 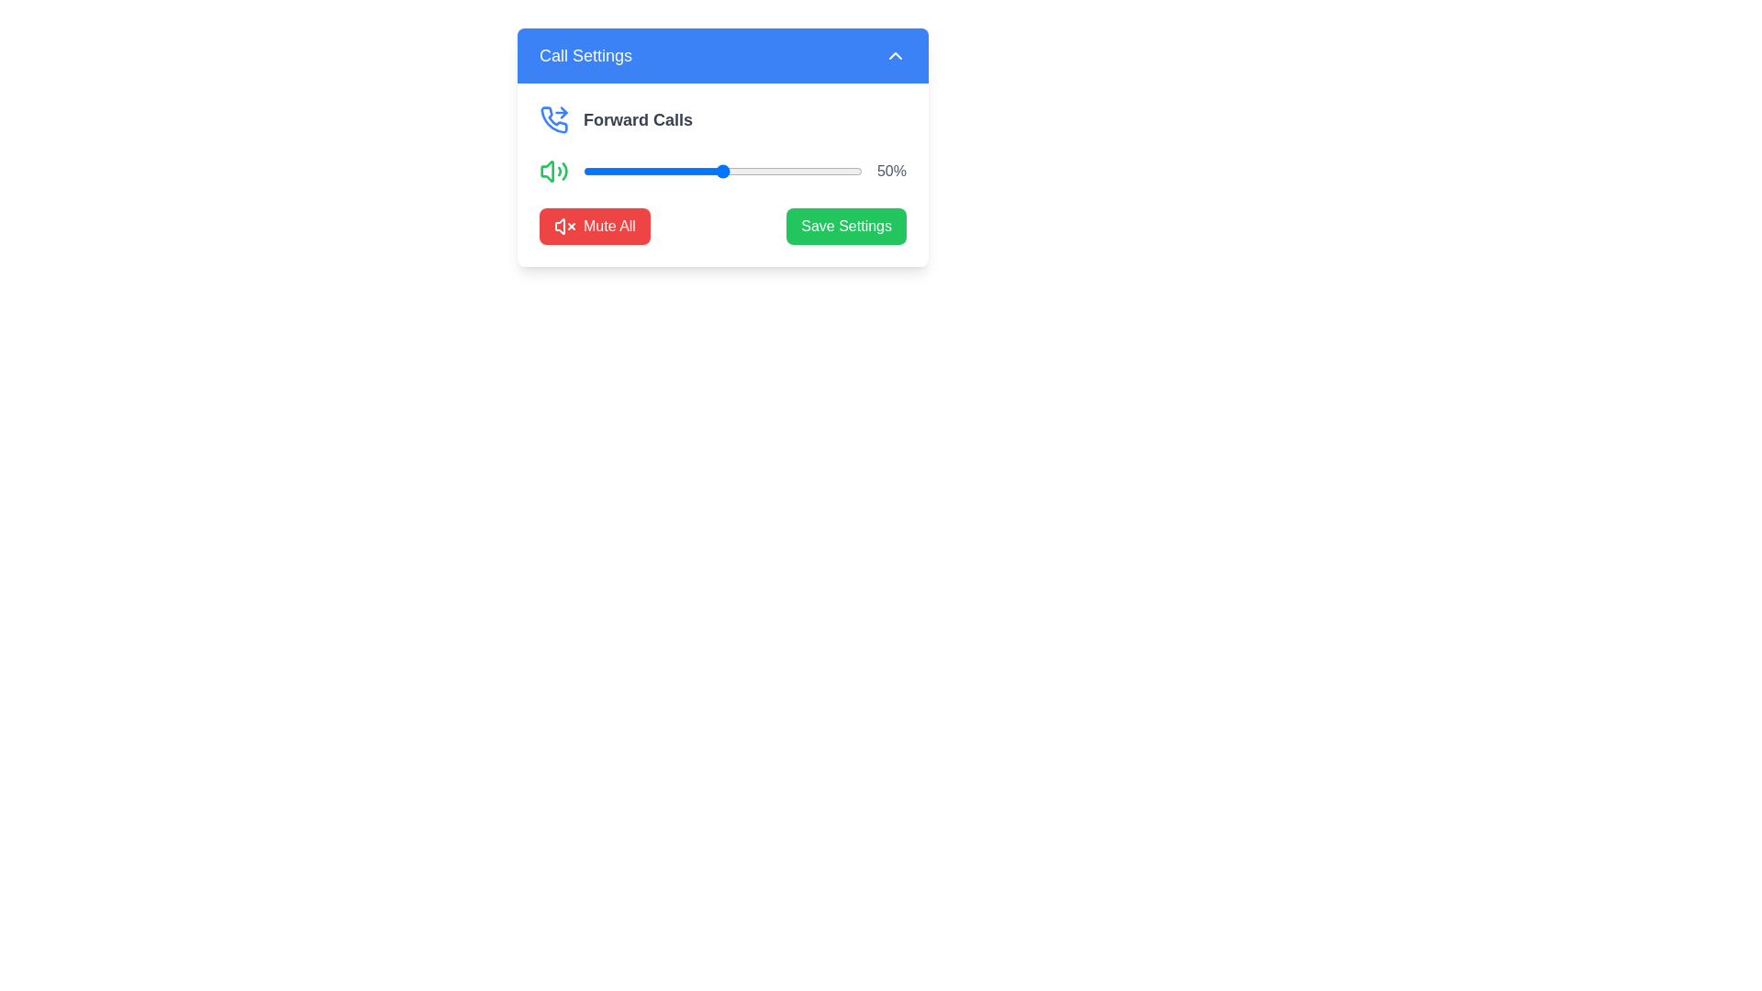 I want to click on the volume slider, so click(x=650, y=171).